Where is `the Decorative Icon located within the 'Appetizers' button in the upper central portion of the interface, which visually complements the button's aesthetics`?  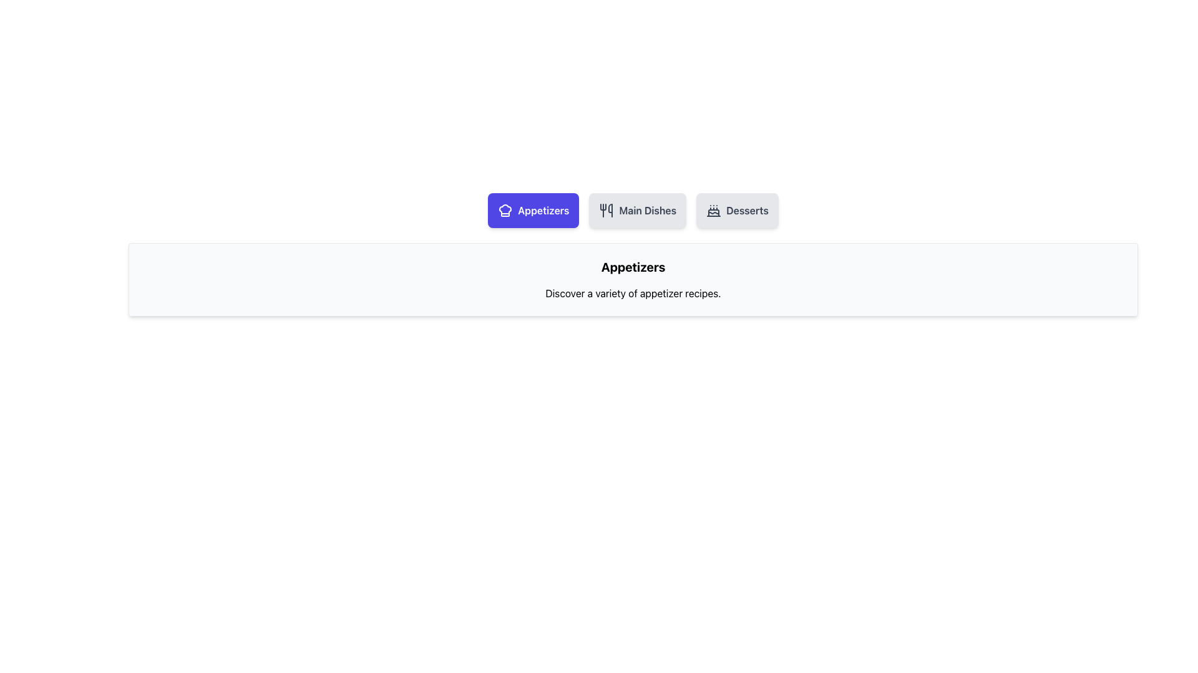
the Decorative Icon located within the 'Appetizers' button in the upper central portion of the interface, which visually complements the button's aesthetics is located at coordinates (505, 210).